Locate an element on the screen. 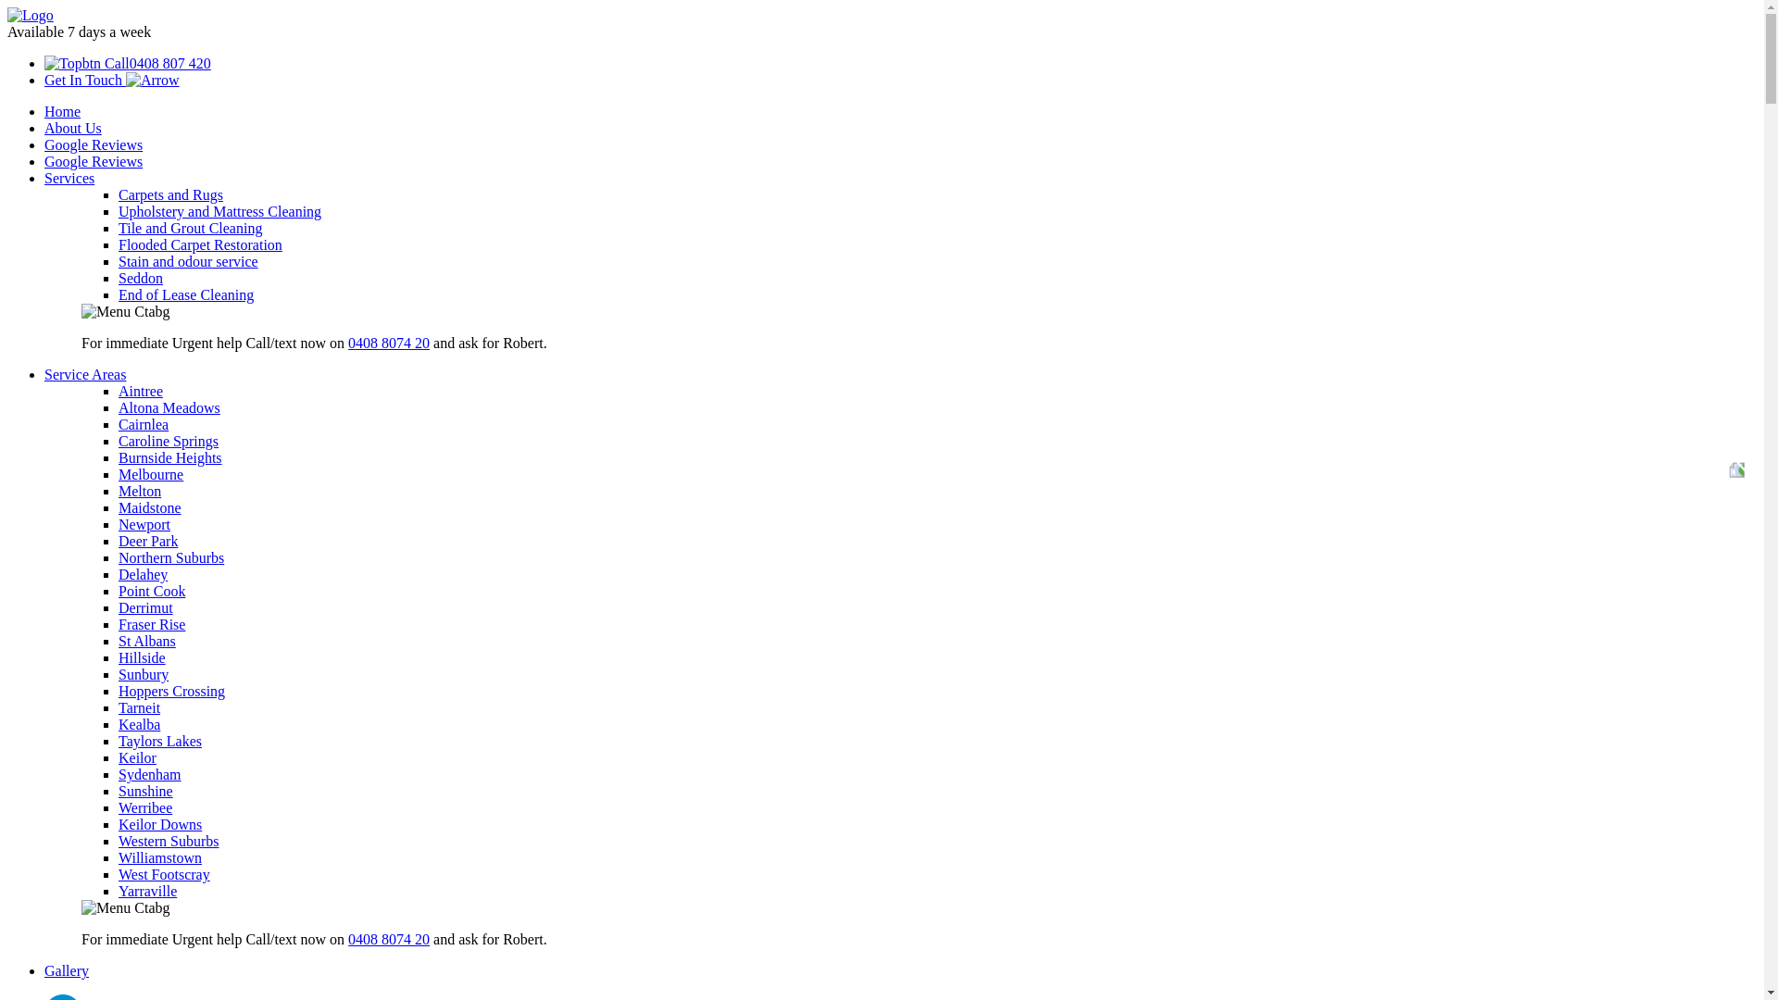  'Flooded Carpet Restoration' is located at coordinates (200, 244).